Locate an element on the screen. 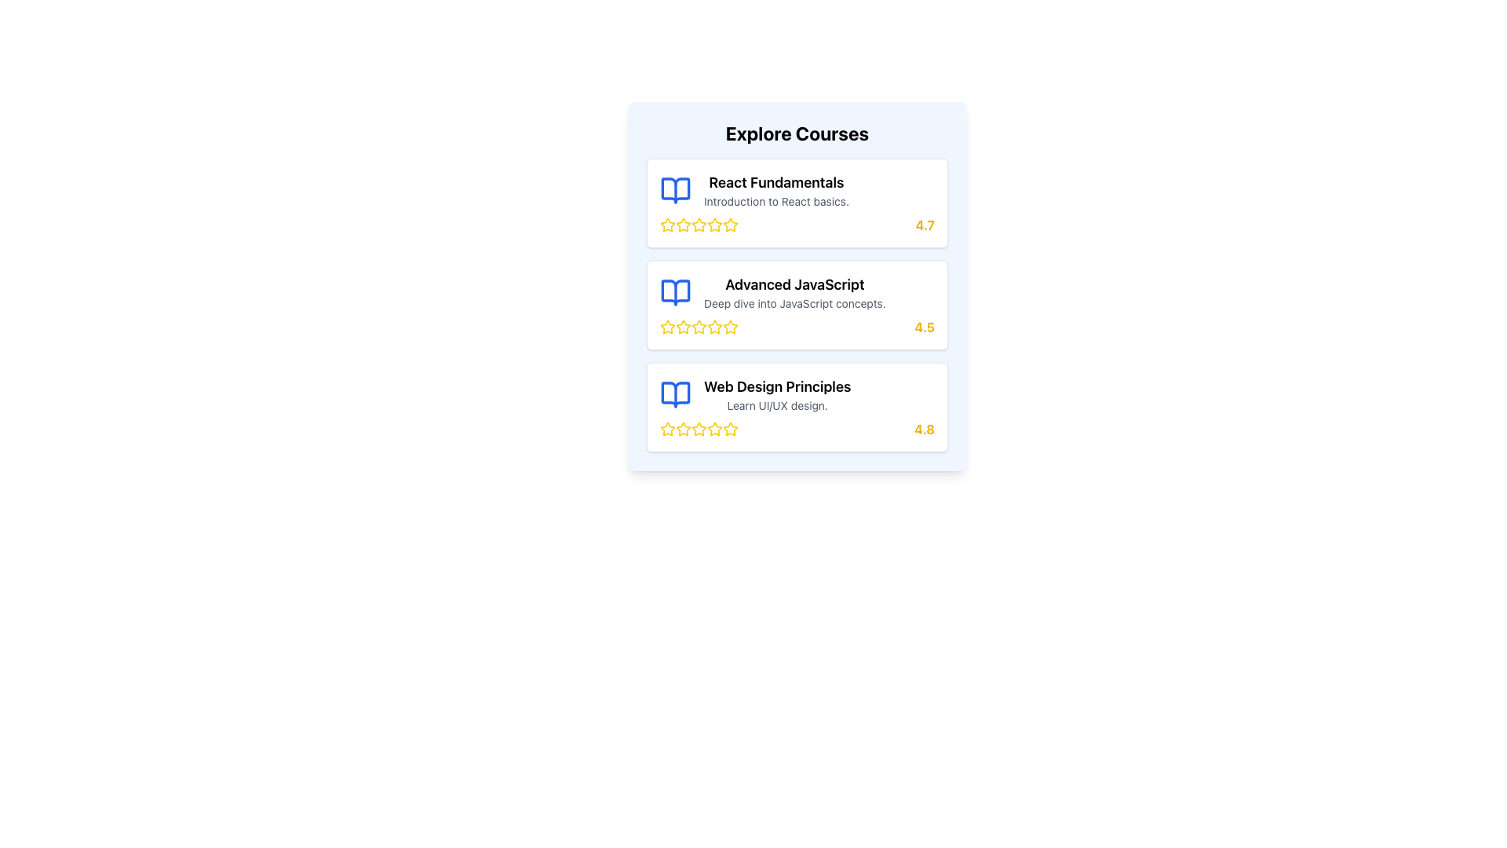 This screenshot has width=1507, height=848. the text element displaying the overall rating for the 'Advanced JavaScript' course is located at coordinates (925, 326).